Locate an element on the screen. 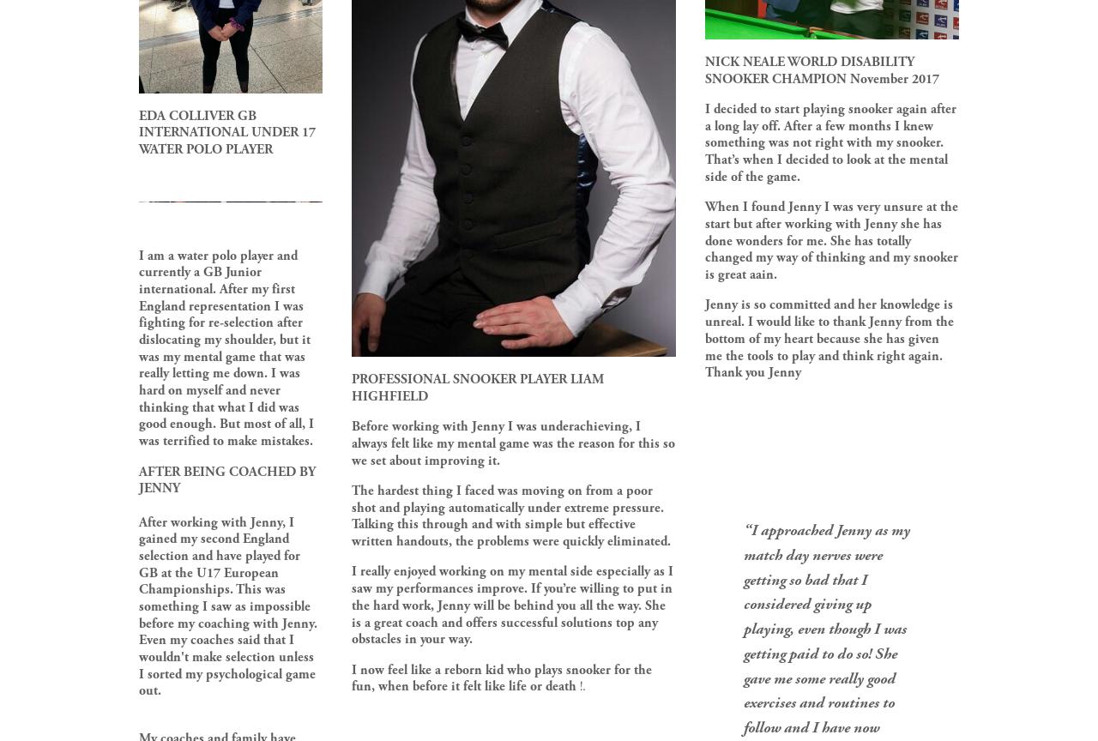  'I really enjoyed working on my mental side especially as I saw my performances improve. If you’re willing to put in the hard work, Jenny will be behind you all the way. She is a great coach and offers successful solutions top any obstacles in your way.' is located at coordinates (512, 605).